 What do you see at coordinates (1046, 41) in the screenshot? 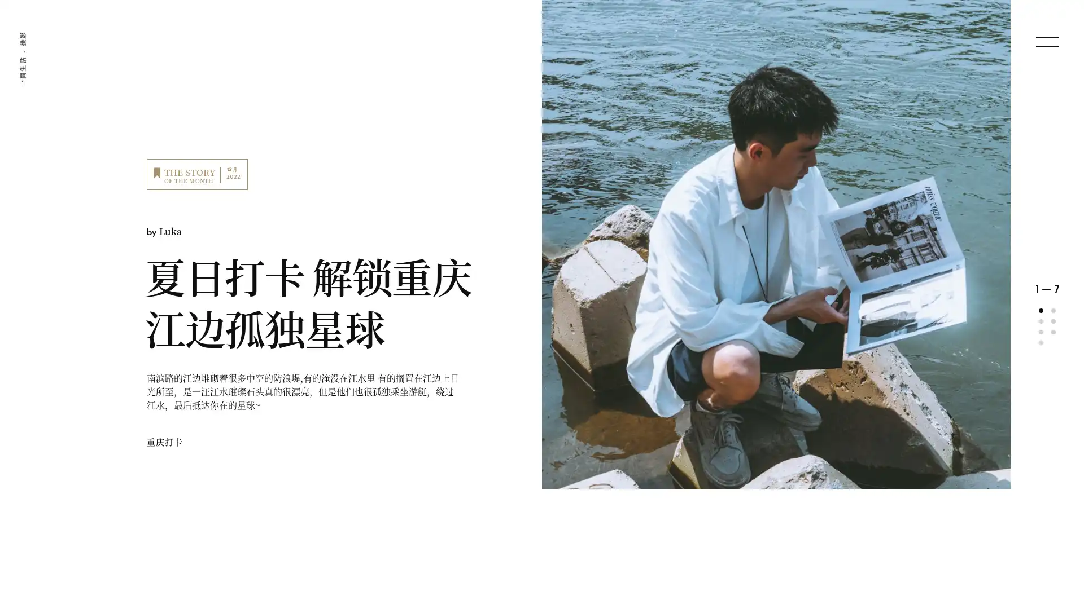
I see `menu close` at bounding box center [1046, 41].